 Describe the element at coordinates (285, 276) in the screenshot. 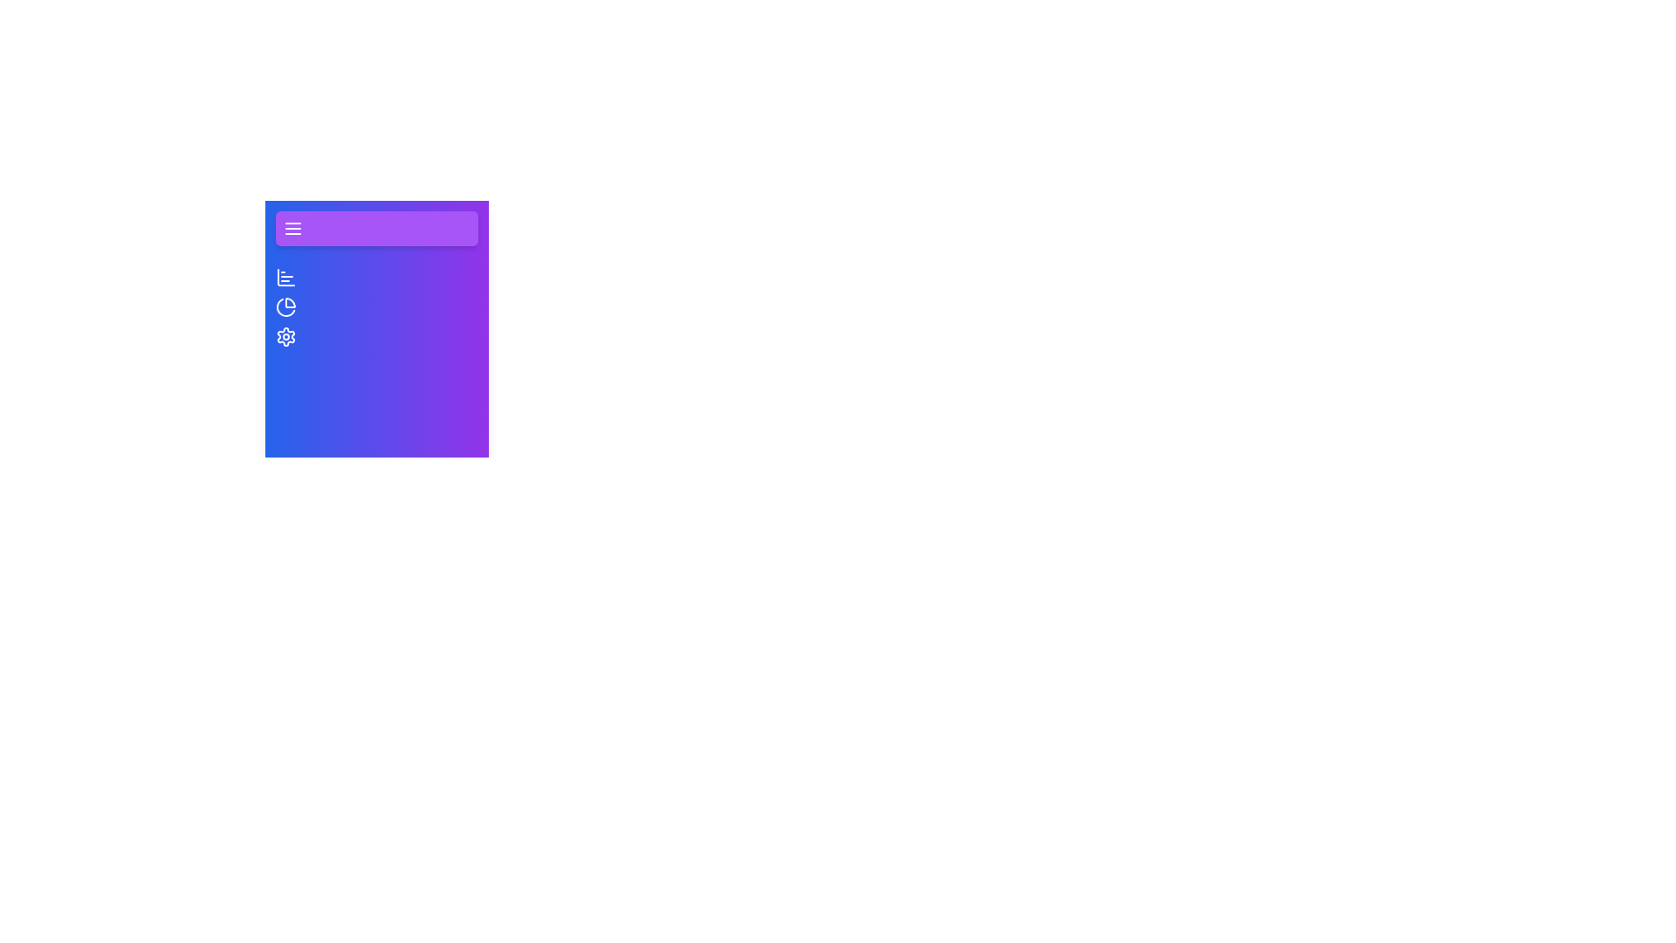

I see `the tab Overview` at that location.